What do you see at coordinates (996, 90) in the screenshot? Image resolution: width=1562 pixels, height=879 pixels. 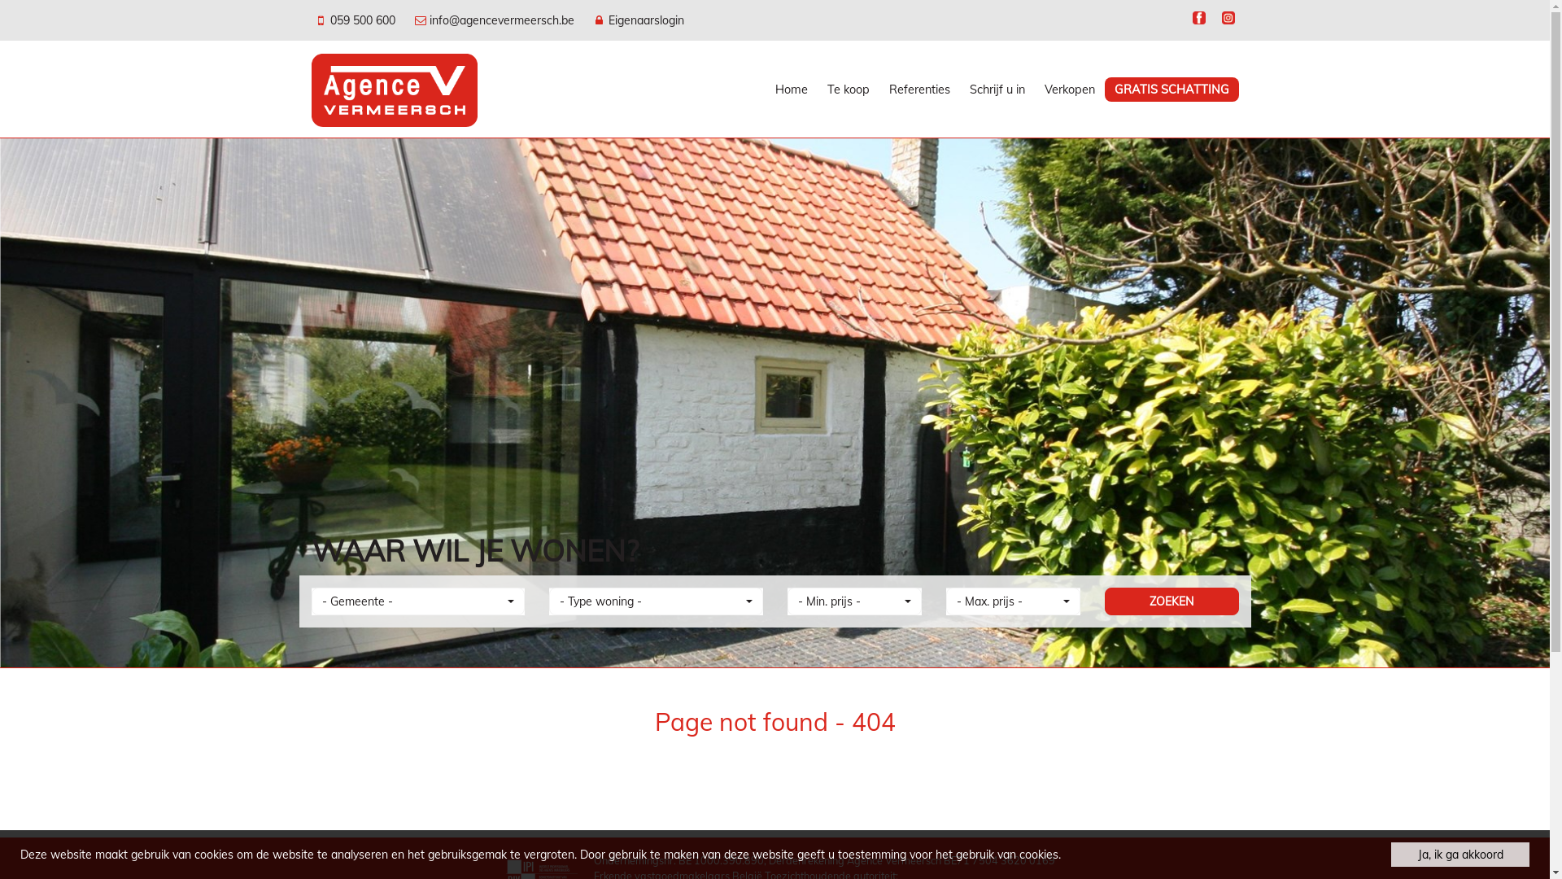 I see `'Schrijf u in'` at bounding box center [996, 90].